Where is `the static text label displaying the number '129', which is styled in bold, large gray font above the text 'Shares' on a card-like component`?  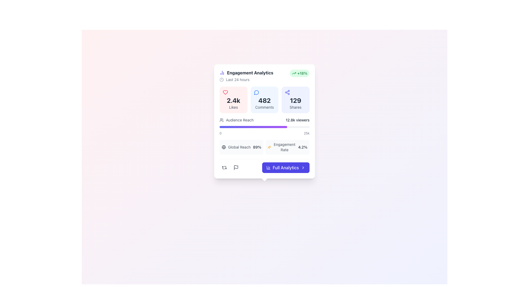
the static text label displaying the number '129', which is styled in bold, large gray font above the text 'Shares' on a card-like component is located at coordinates (295, 100).